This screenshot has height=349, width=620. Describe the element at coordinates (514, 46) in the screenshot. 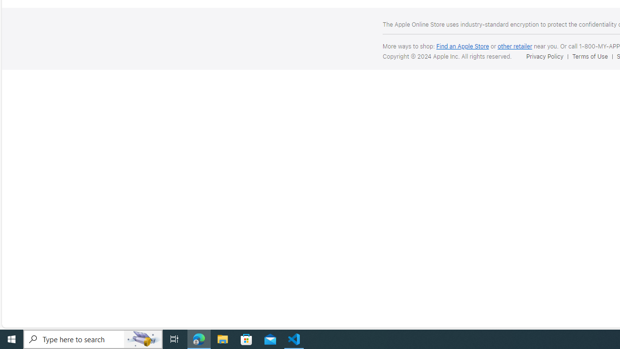

I see `'other retailer'` at that location.